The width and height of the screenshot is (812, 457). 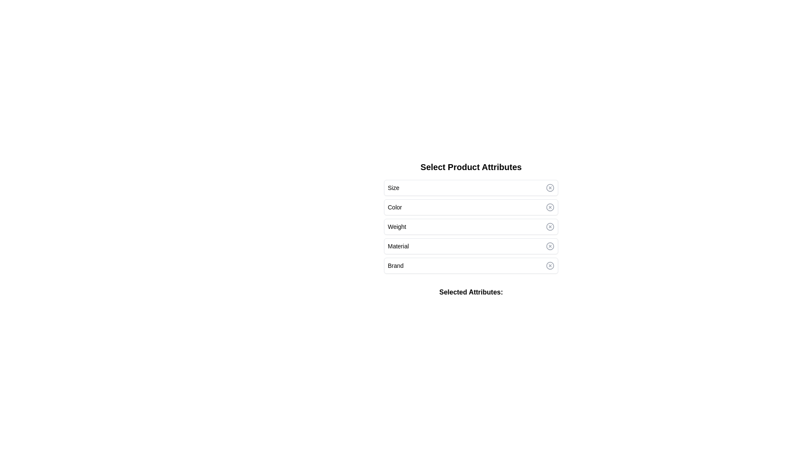 What do you see at coordinates (470, 246) in the screenshot?
I see `the attribute Material by clicking its row` at bounding box center [470, 246].